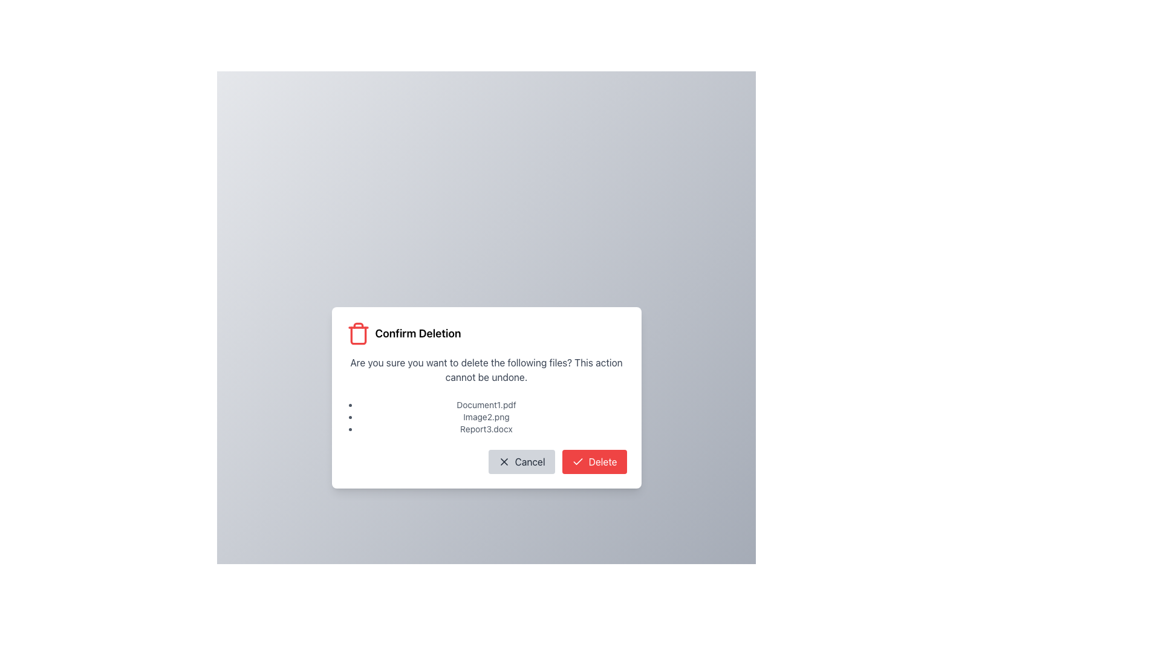  Describe the element at coordinates (577, 461) in the screenshot. I see `the checkmark icon located` at that location.